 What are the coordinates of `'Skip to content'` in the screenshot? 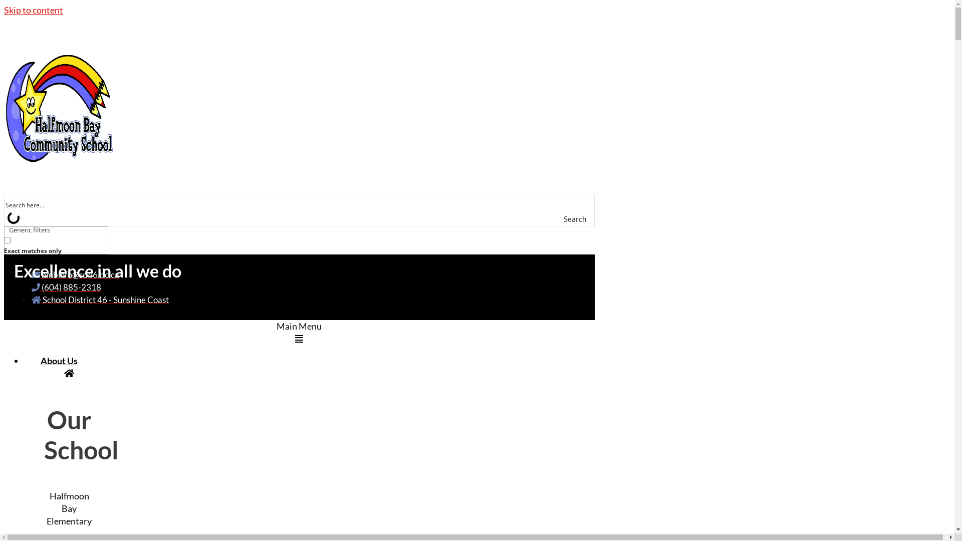 It's located at (34, 10).